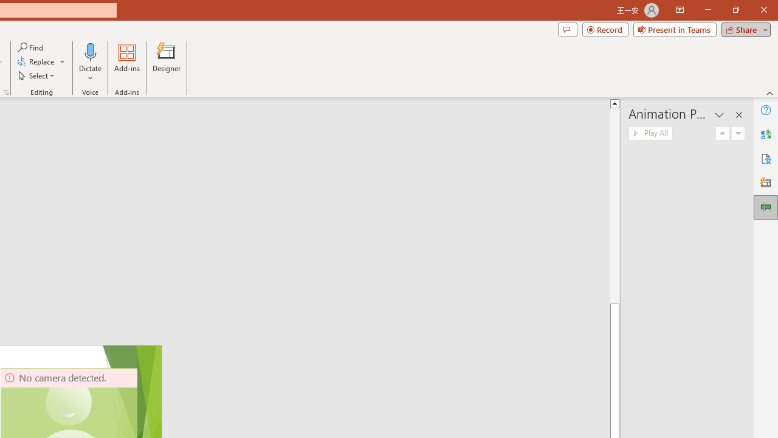 The width and height of the screenshot is (778, 438). I want to click on 'Play All', so click(650, 133).